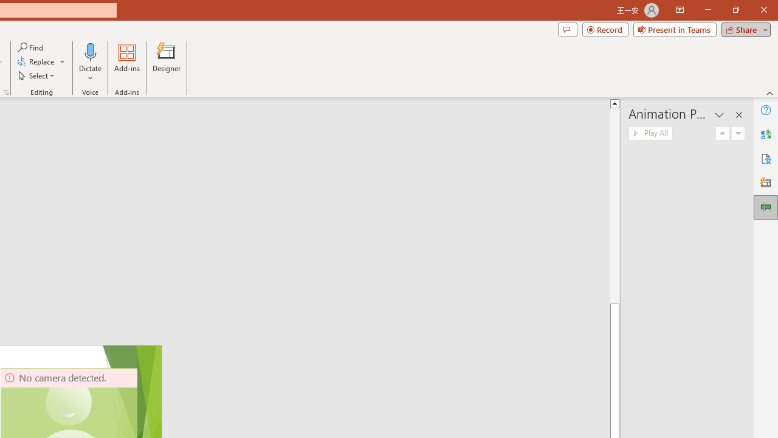 The width and height of the screenshot is (778, 438). I want to click on 'Play All', so click(650, 133).